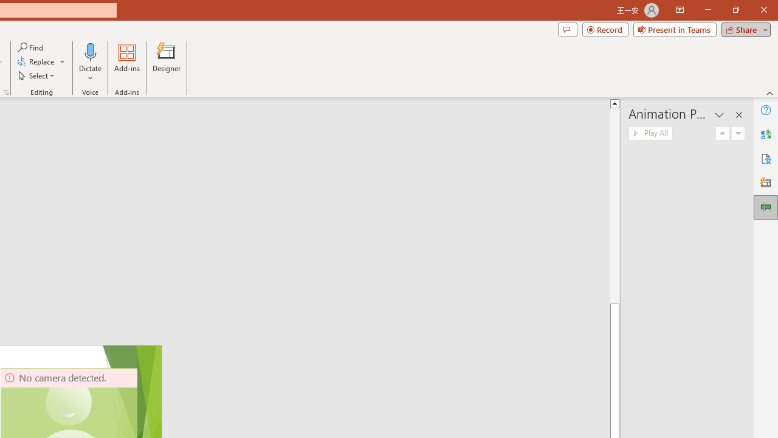 The width and height of the screenshot is (778, 438). I want to click on 'Play All', so click(650, 133).